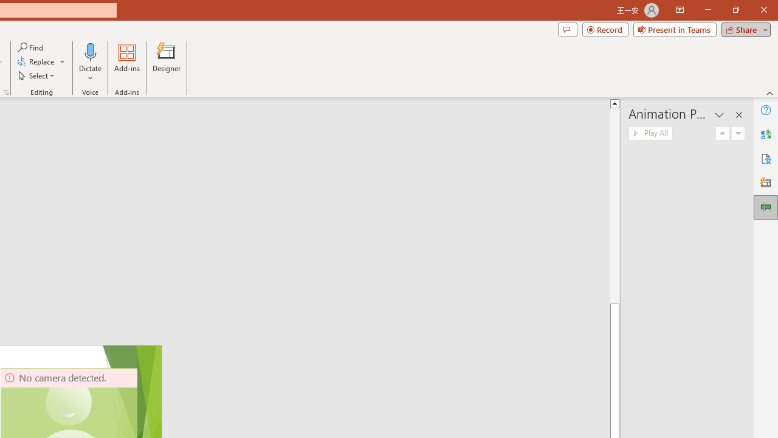 The width and height of the screenshot is (778, 438). I want to click on 'Play All', so click(650, 133).